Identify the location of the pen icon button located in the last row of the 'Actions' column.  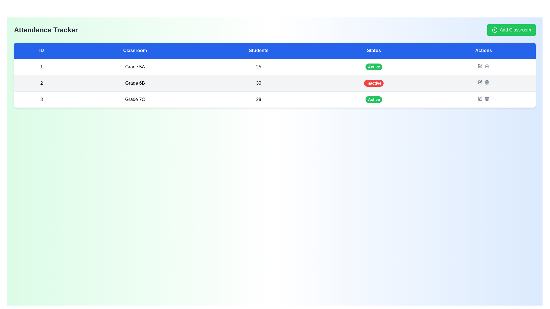
(480, 98).